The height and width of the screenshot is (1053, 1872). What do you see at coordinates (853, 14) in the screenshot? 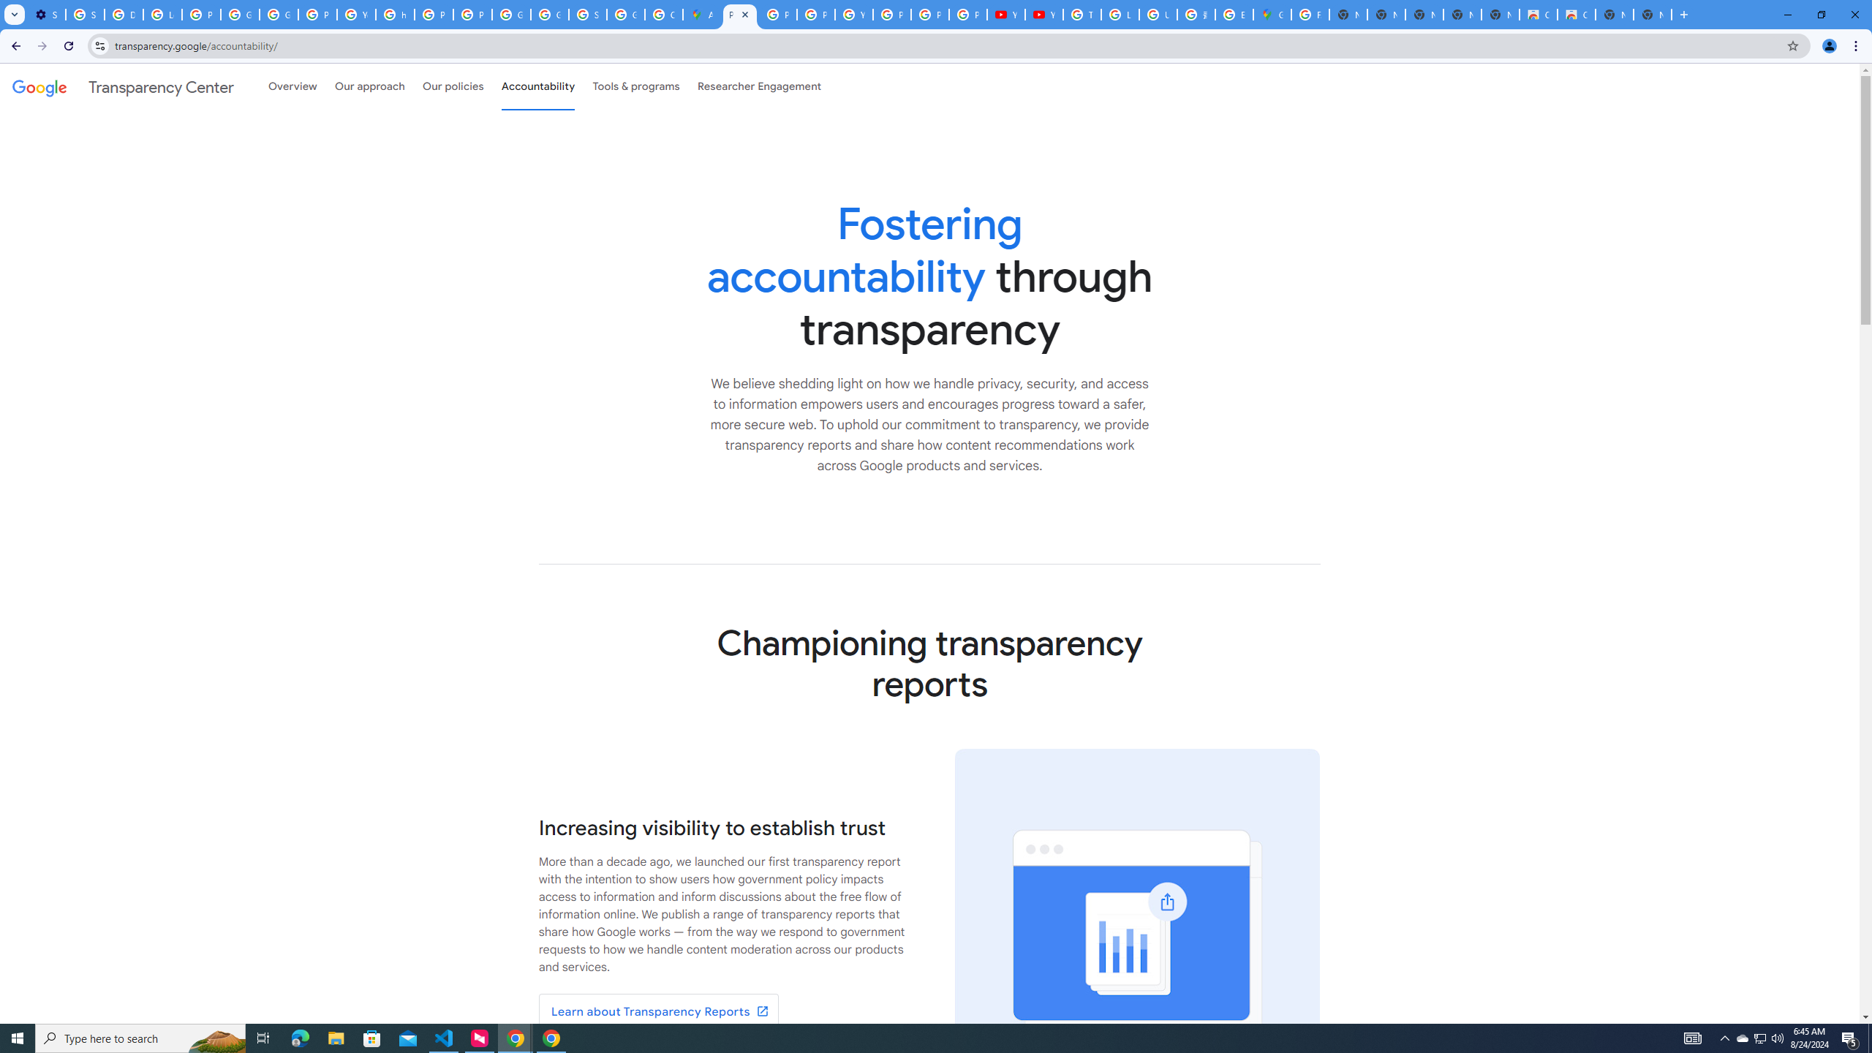
I see `'YouTube'` at bounding box center [853, 14].